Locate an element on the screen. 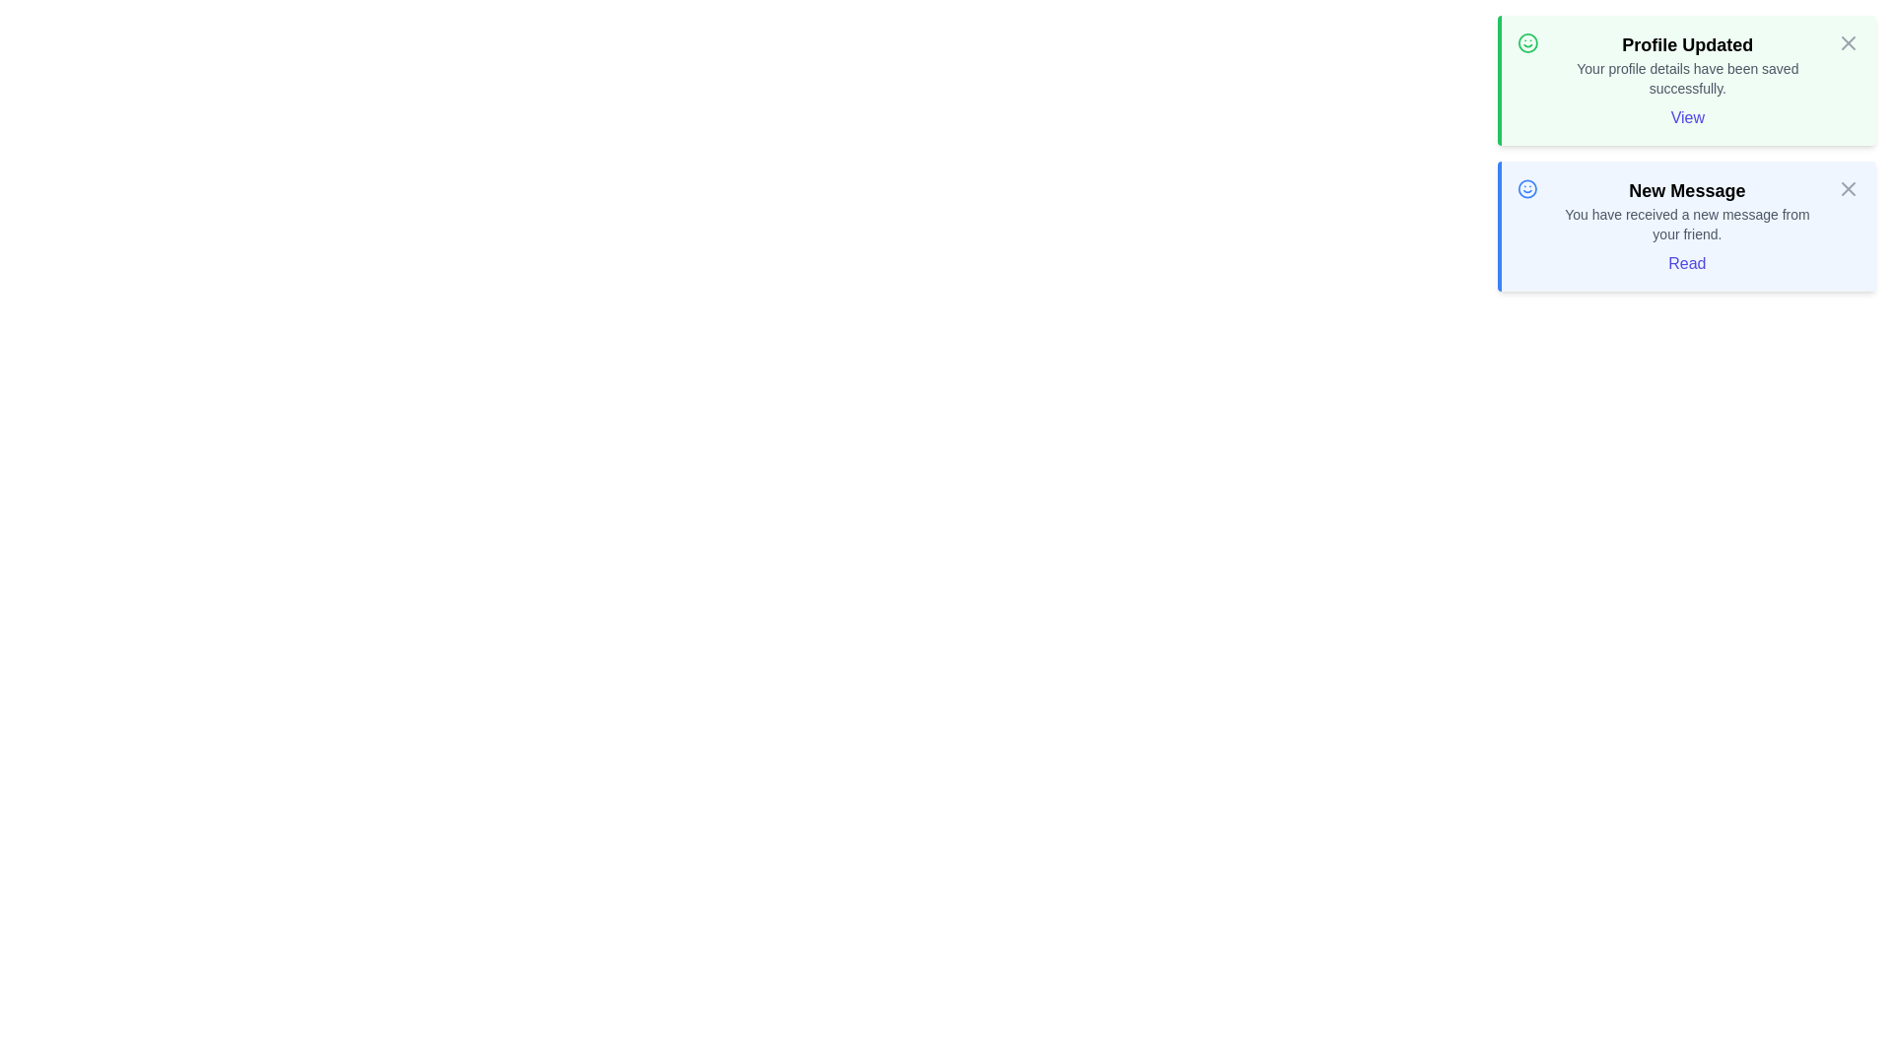 This screenshot has height=1064, width=1892. close button of the notification to remove it is located at coordinates (1848, 42).